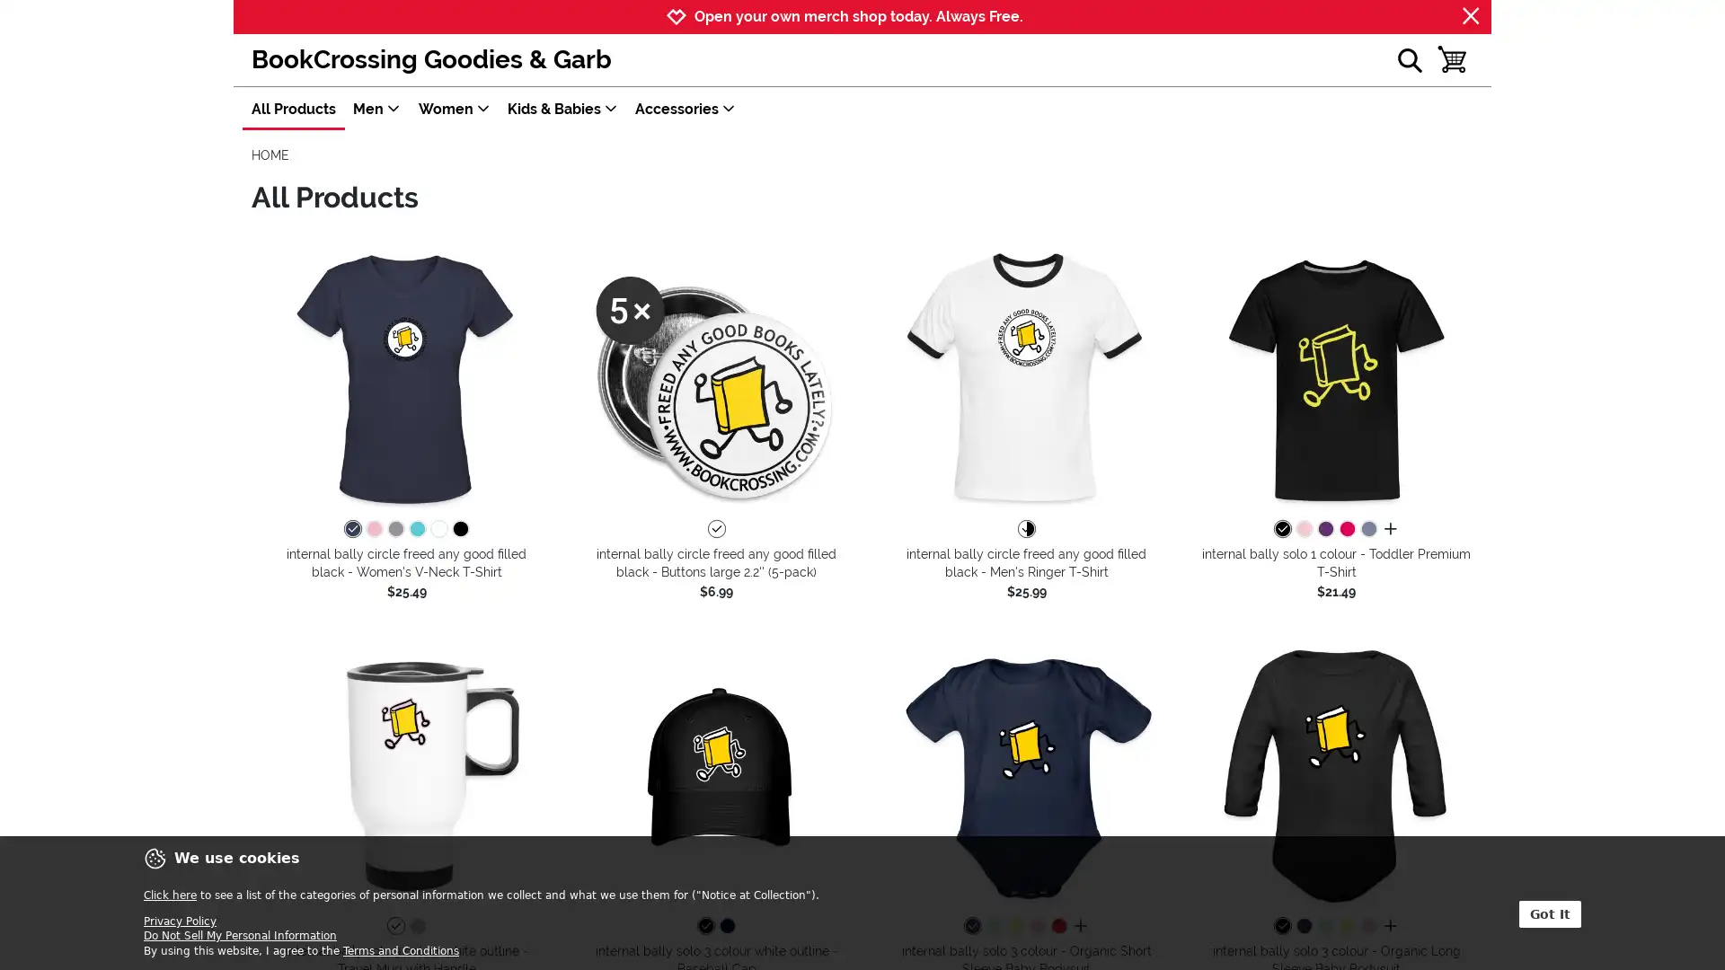 The height and width of the screenshot is (970, 1725). I want to click on purple, so click(1324, 529).